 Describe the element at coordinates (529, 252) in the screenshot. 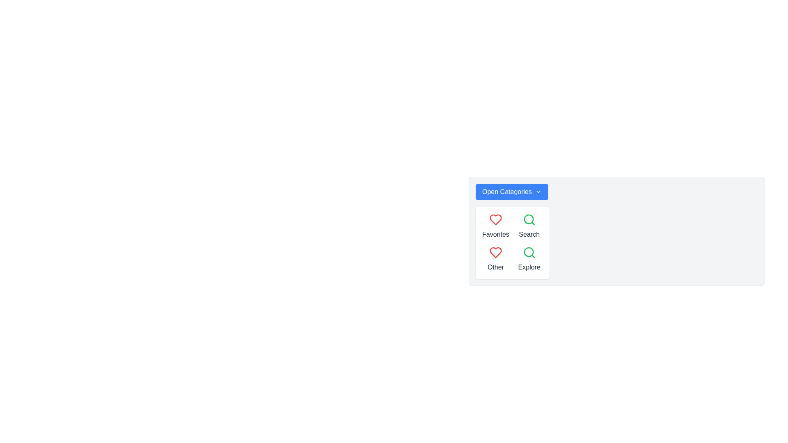

I see `the green magnifying glass icon located at the bottom-right of the panel above the 'Explore' label` at that location.